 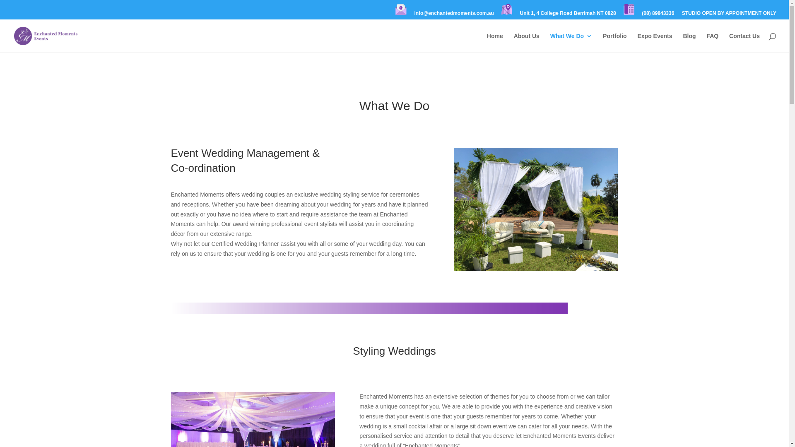 What do you see at coordinates (602, 43) in the screenshot?
I see `'Portfolio'` at bounding box center [602, 43].